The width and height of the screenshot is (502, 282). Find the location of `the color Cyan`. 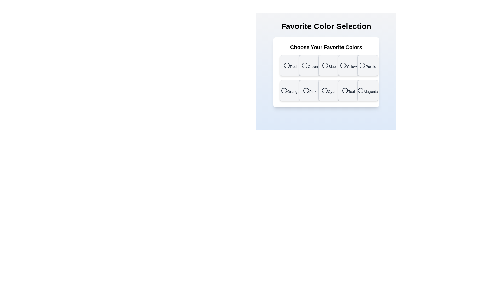

the color Cyan is located at coordinates (329, 90).